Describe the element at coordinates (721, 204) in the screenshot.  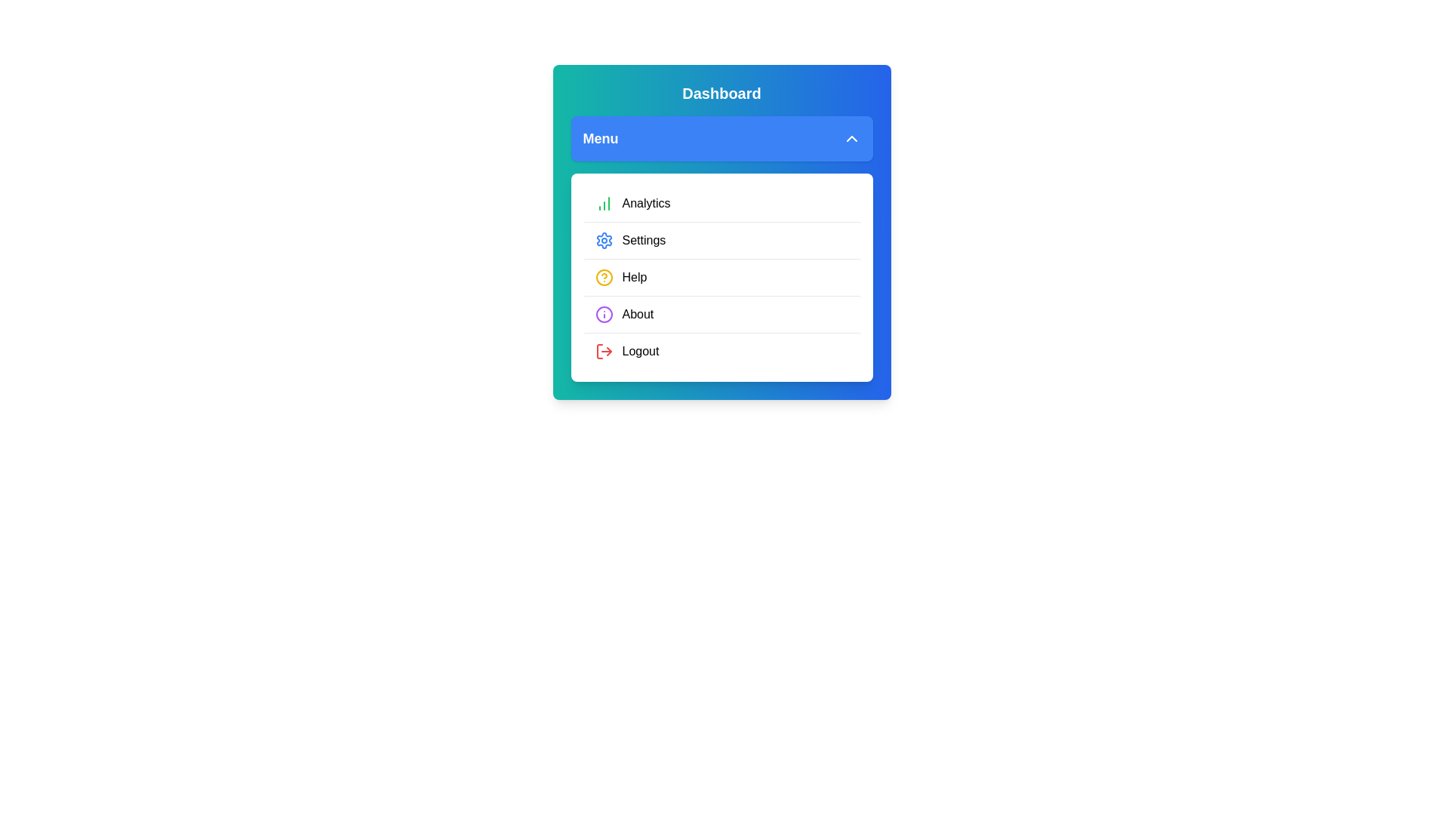
I see `the 'Analytics' menu item in the dropdown menu` at that location.